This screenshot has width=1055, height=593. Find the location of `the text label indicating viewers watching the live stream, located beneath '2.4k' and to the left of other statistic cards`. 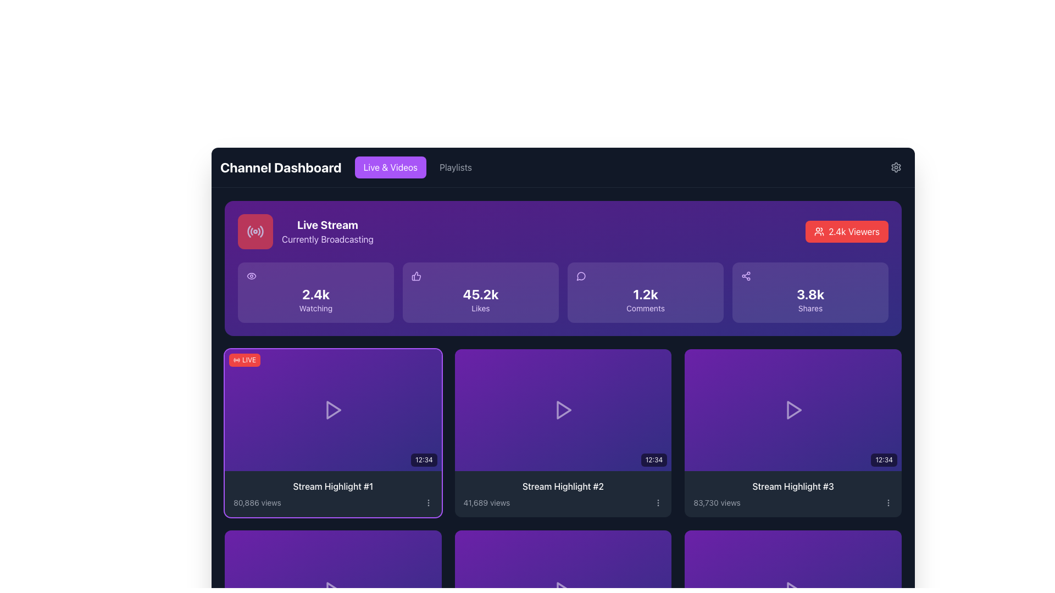

the text label indicating viewers watching the live stream, located beneath '2.4k' and to the left of other statistic cards is located at coordinates (315, 309).